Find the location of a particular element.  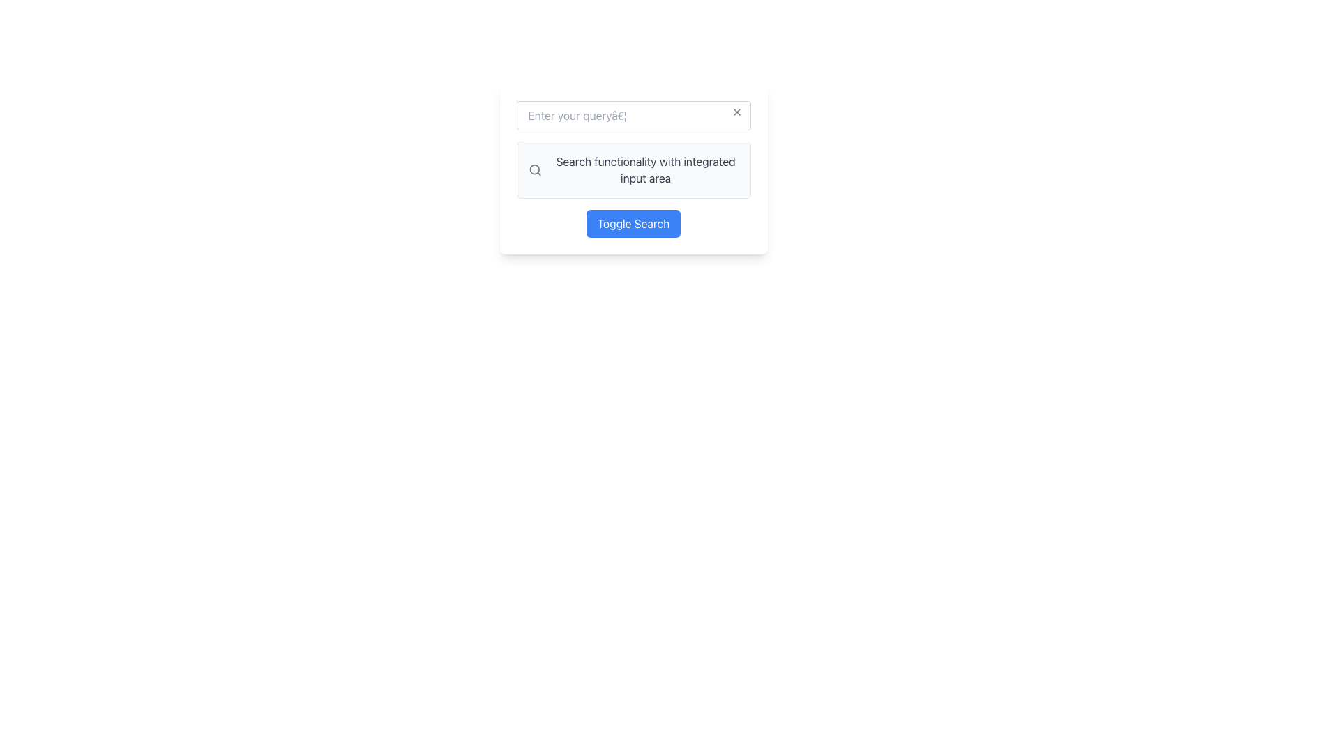

the gray 'X' icon located in the upper-right corner of the text input box labeled 'Enter your query…' to clear the text input is located at coordinates (736, 112).